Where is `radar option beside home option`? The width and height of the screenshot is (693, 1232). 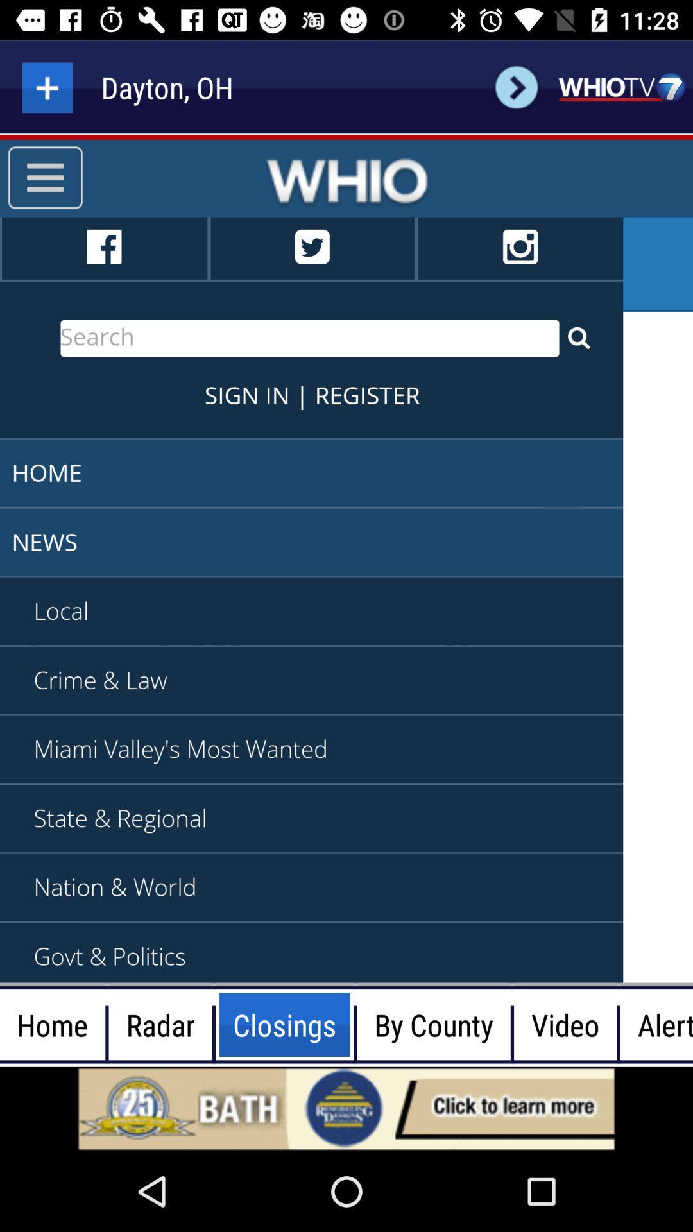 radar option beside home option is located at coordinates (160, 1024).